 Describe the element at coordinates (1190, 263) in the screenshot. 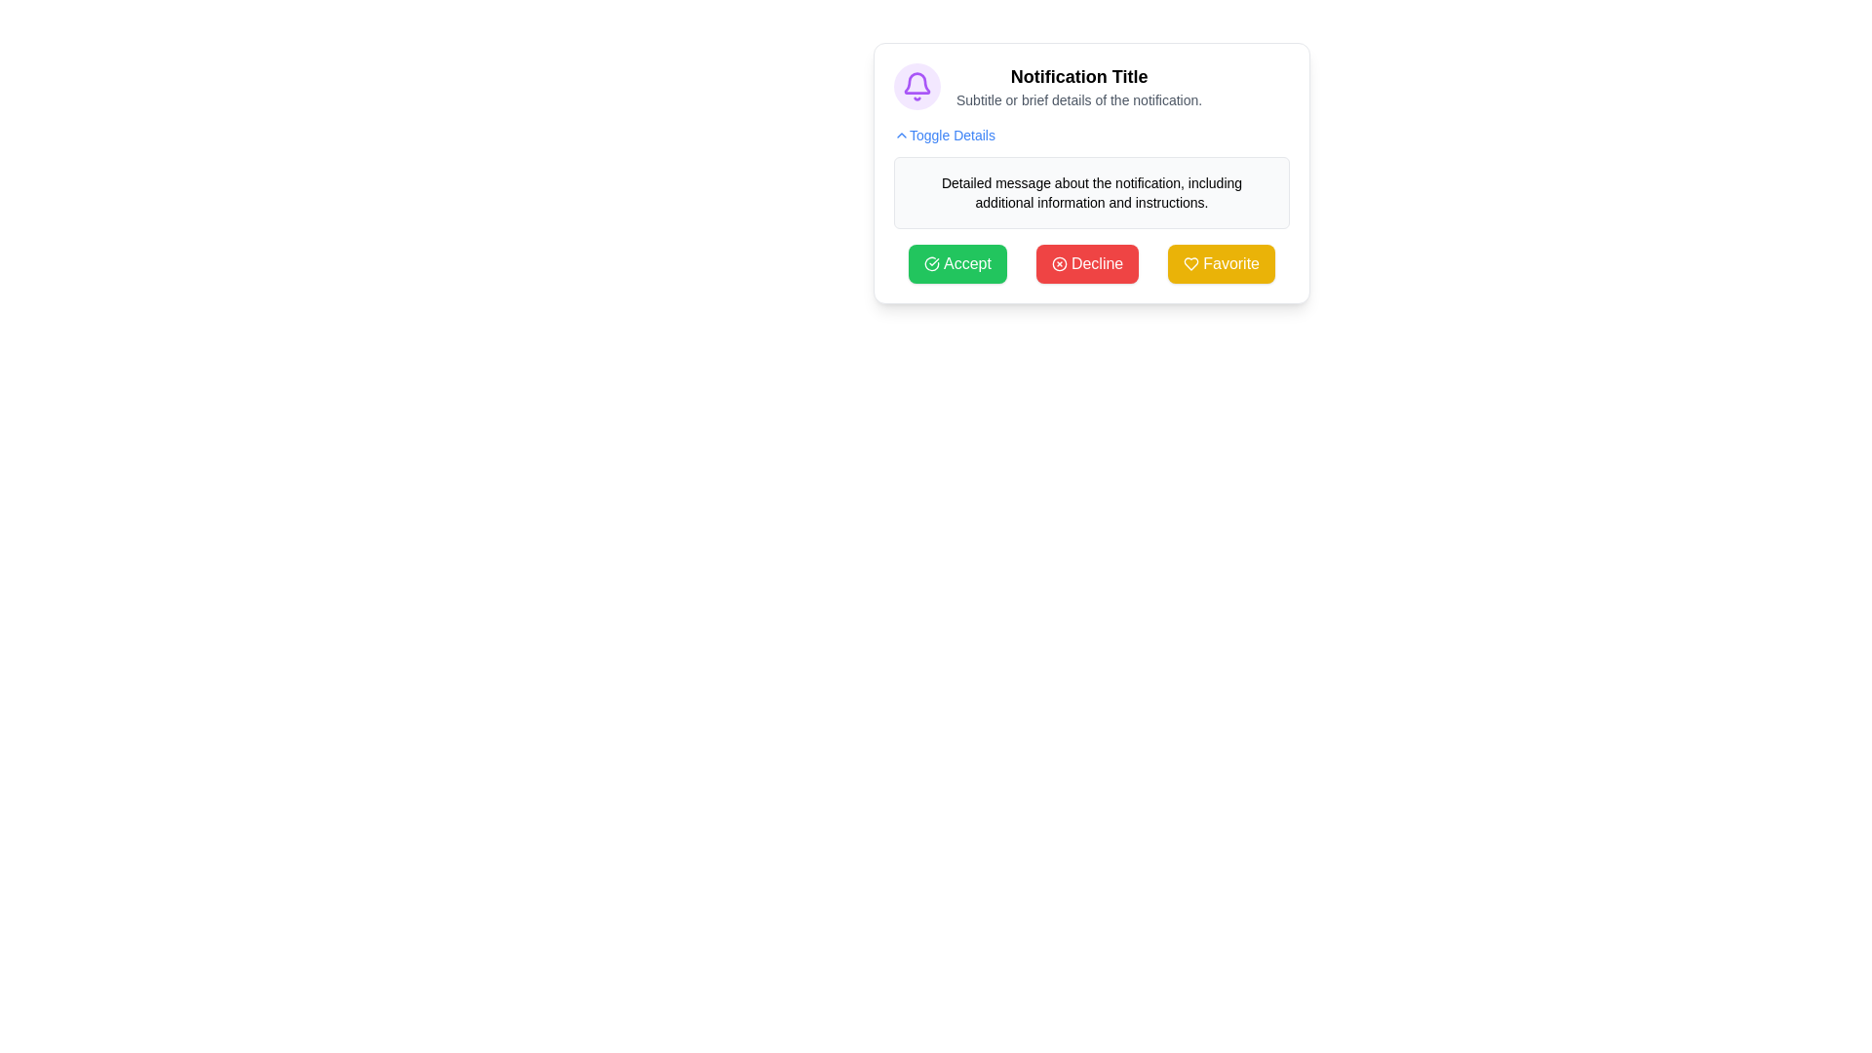

I see `the favorite icon located within the yellow button labeled 'Favorite' at the bottom-right part of the notification card` at that location.